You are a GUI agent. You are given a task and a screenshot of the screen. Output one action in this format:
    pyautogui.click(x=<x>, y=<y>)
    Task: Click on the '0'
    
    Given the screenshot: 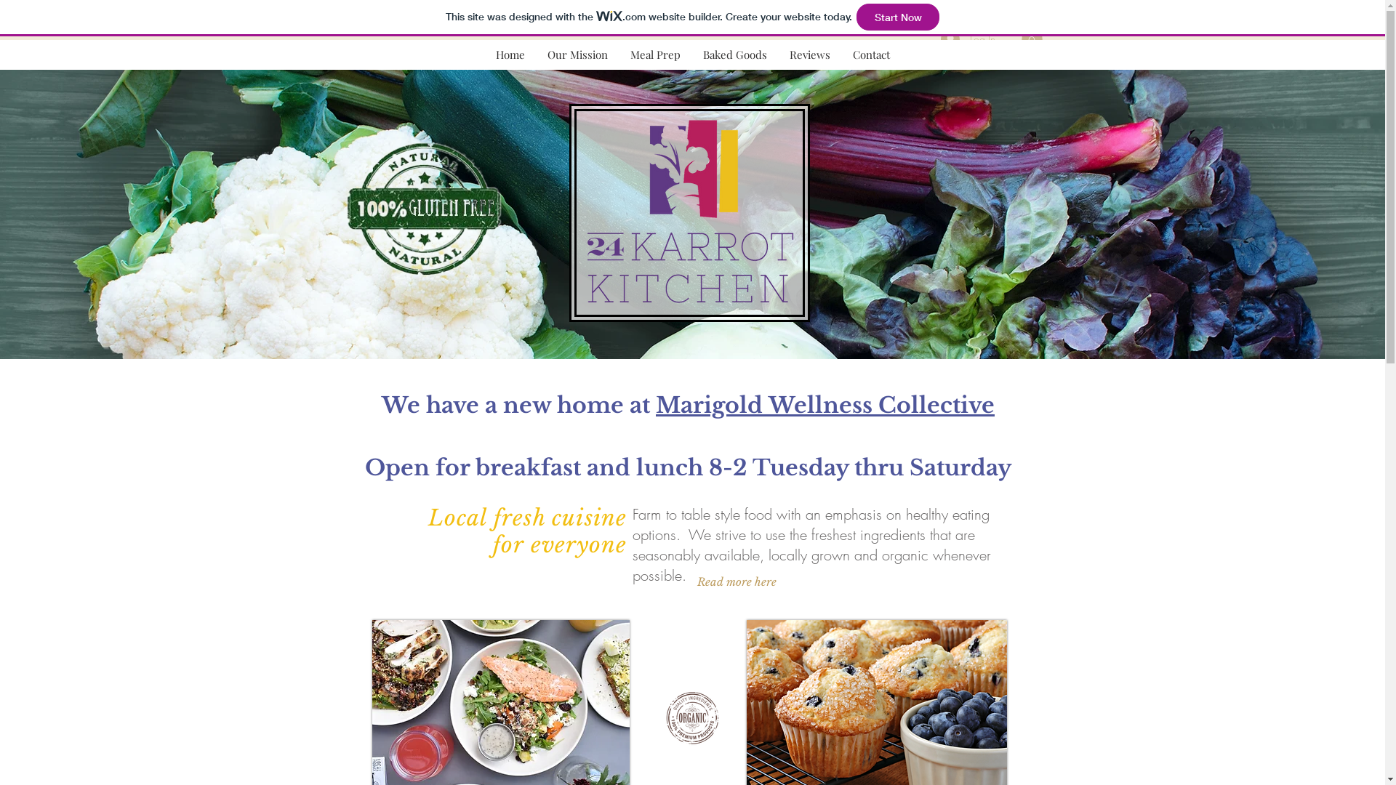 What is the action you would take?
    pyautogui.click(x=1030, y=36)
    